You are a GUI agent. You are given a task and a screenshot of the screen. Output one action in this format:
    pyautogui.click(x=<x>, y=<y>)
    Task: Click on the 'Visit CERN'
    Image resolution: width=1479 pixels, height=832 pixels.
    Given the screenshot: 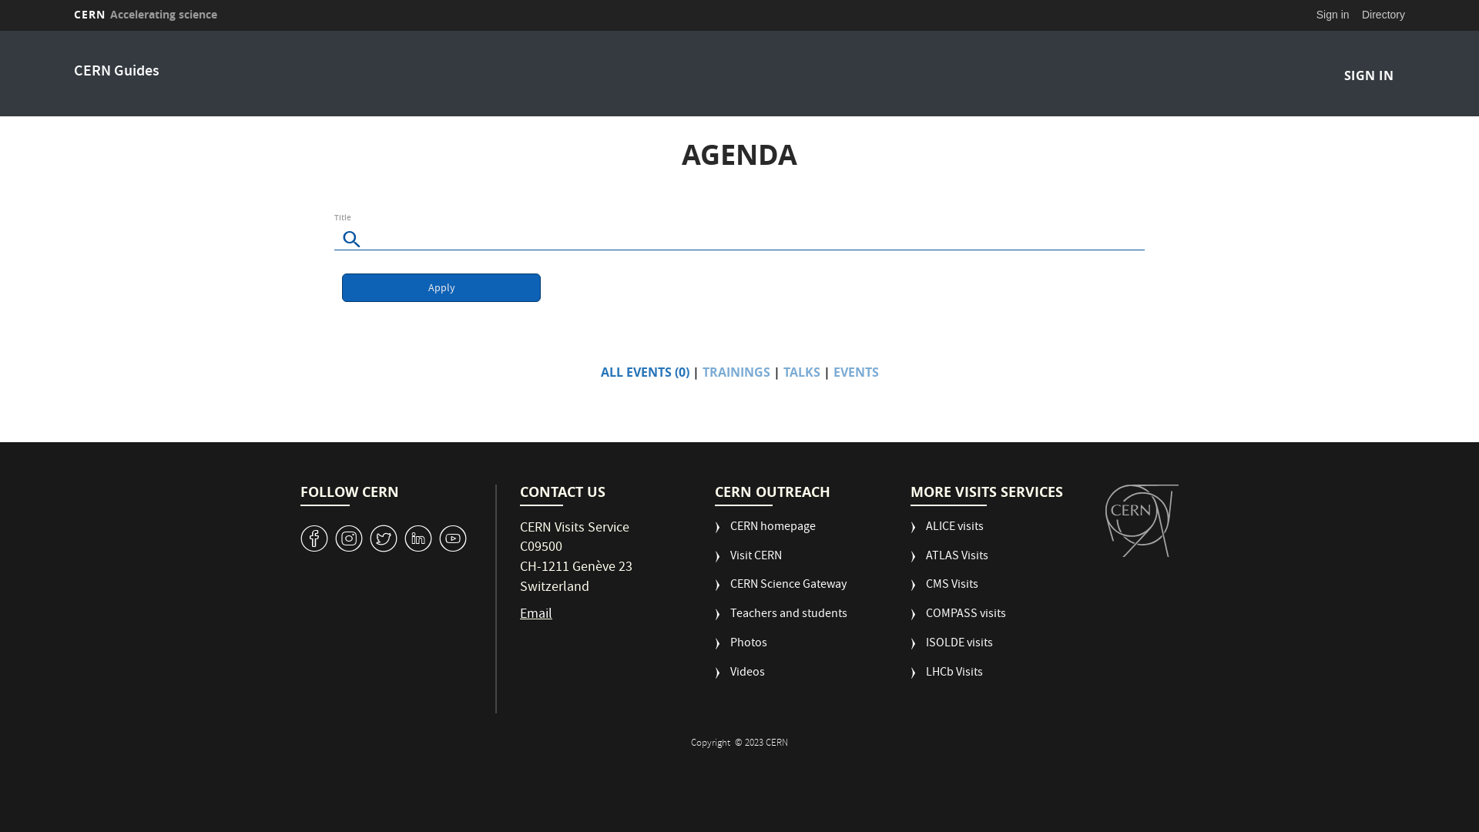 What is the action you would take?
    pyautogui.click(x=748, y=563)
    